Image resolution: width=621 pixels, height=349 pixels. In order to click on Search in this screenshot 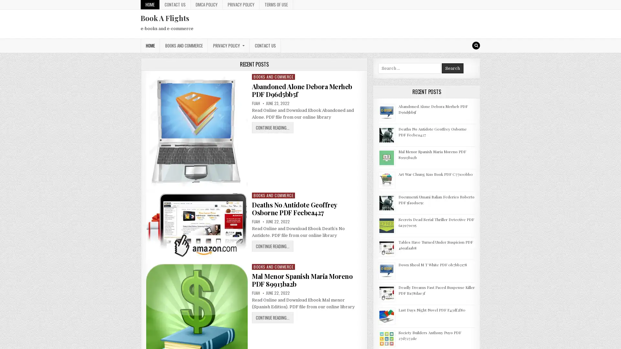, I will do `click(452, 68)`.